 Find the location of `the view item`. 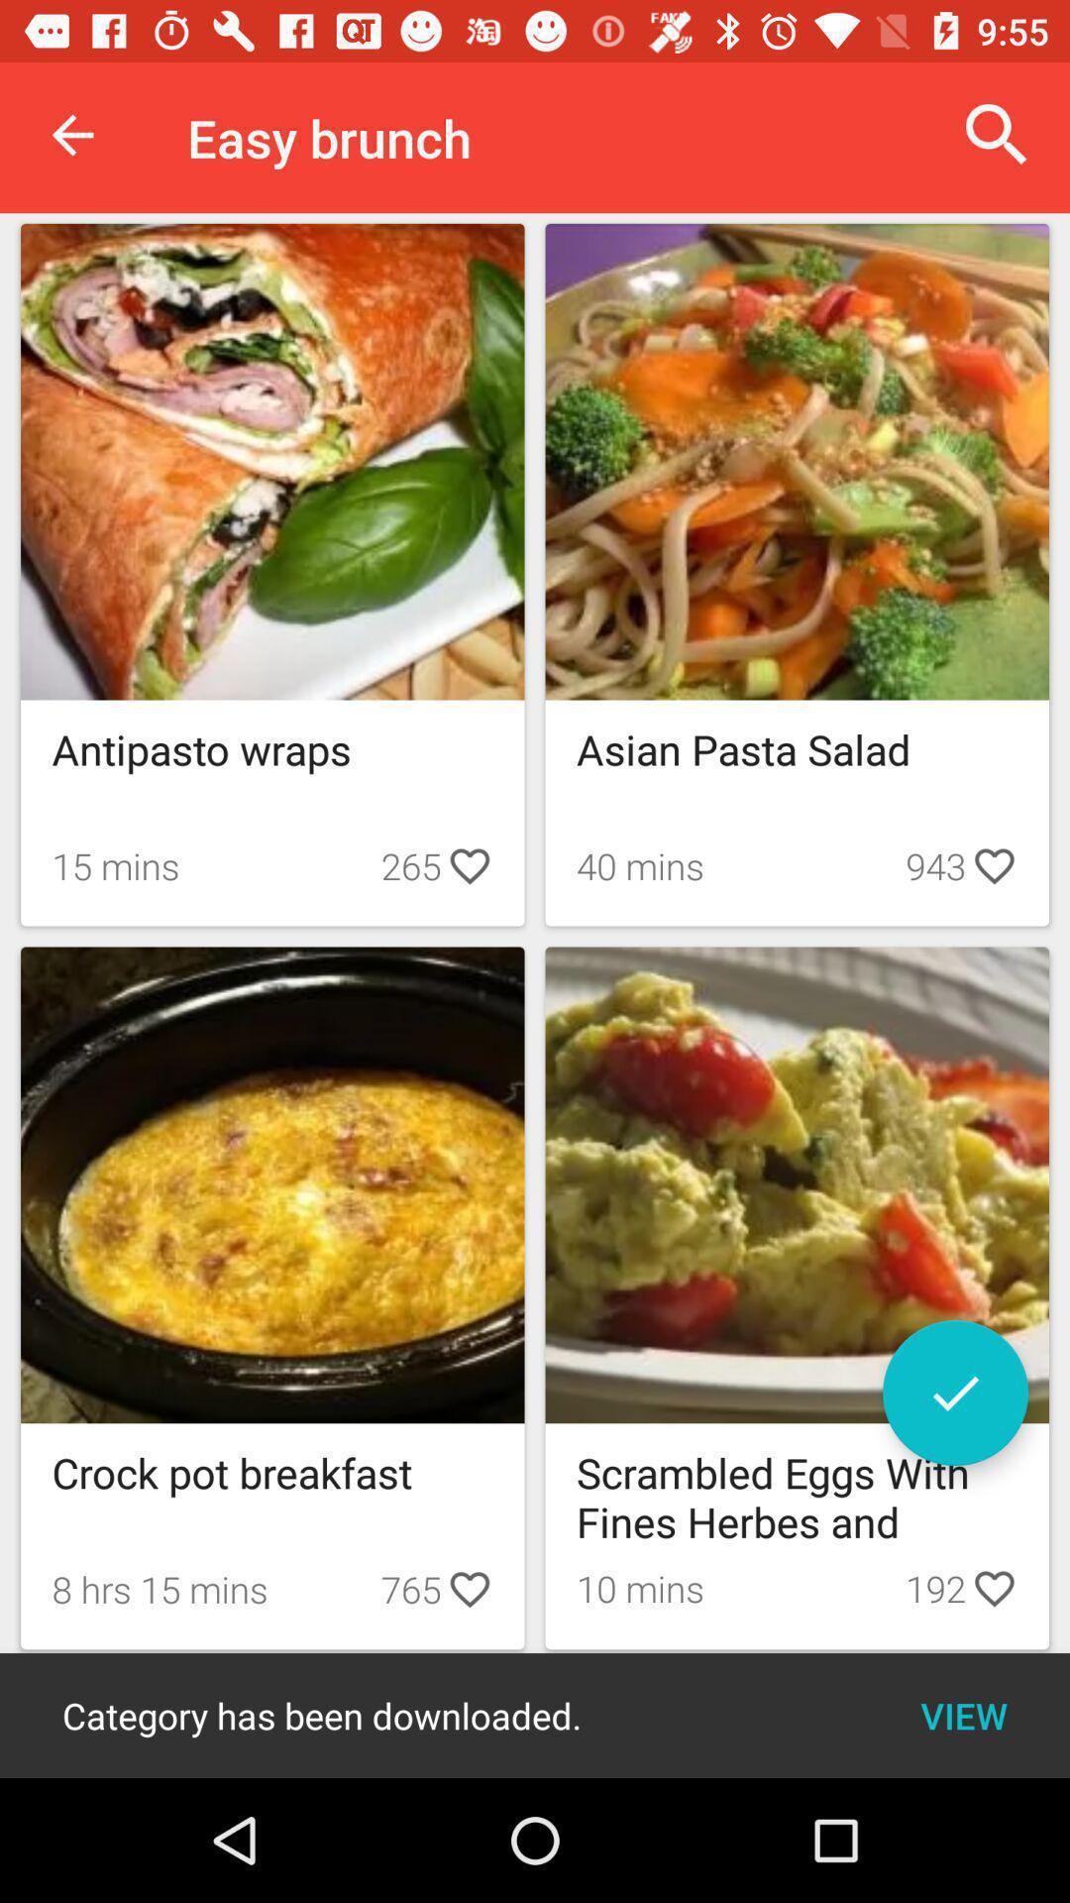

the view item is located at coordinates (963, 1715).